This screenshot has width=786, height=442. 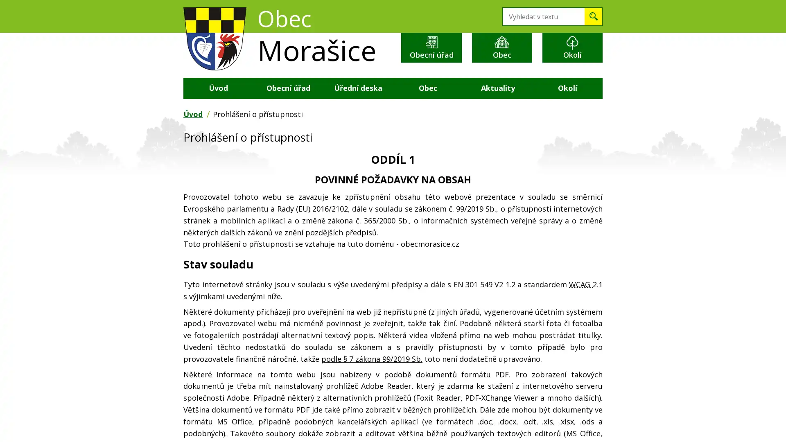 I want to click on Hledat, so click(x=593, y=16).